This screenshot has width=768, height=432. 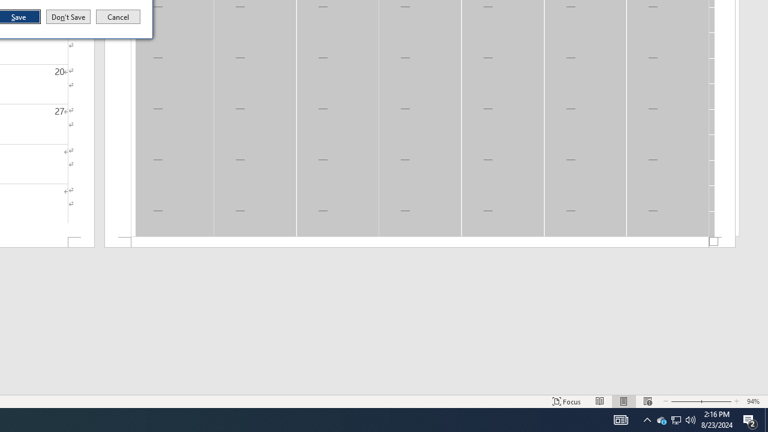 I want to click on 'User Promoted Notification Area', so click(x=676, y=419).